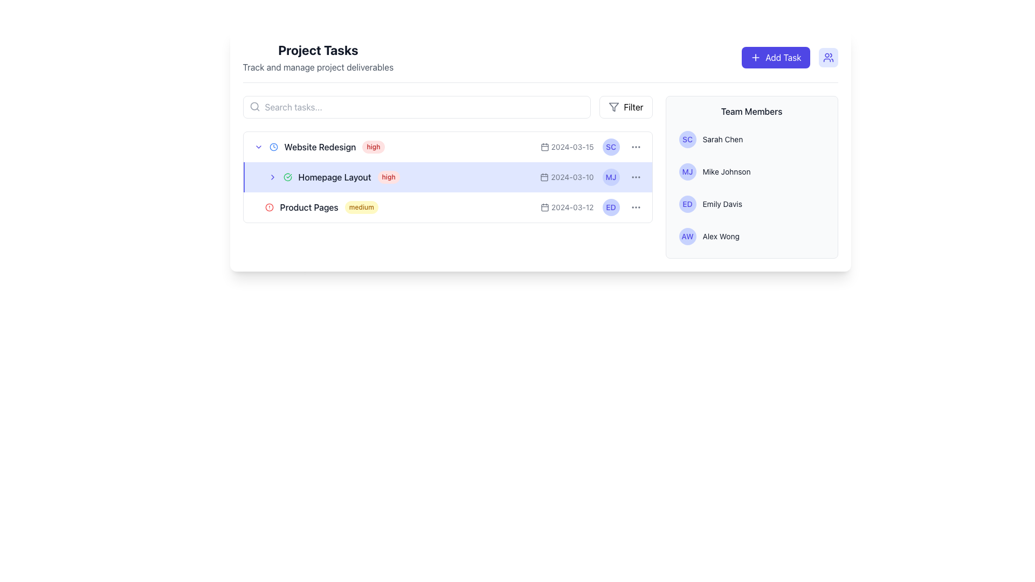 The image size is (1035, 582). What do you see at coordinates (827, 58) in the screenshot?
I see `the group of people icon located at the top right corner of the interface, adjacent to the 'Add Task' button` at bounding box center [827, 58].